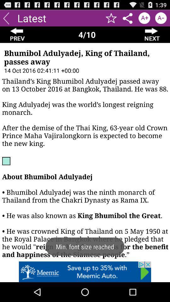  I want to click on advertisement page, so click(85, 271).